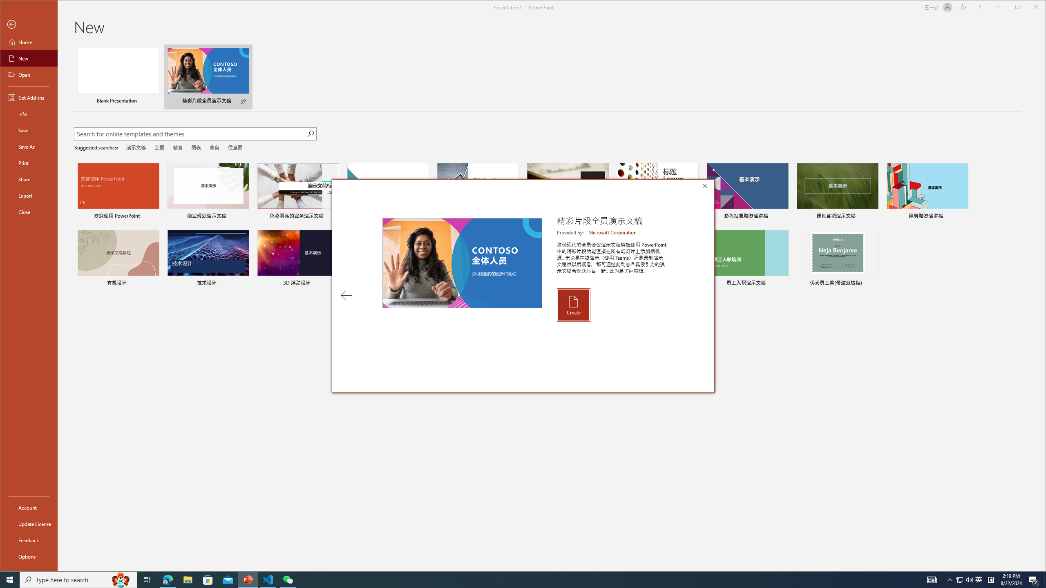 This screenshot has height=588, width=1046. What do you see at coordinates (146, 579) in the screenshot?
I see `'Task View'` at bounding box center [146, 579].